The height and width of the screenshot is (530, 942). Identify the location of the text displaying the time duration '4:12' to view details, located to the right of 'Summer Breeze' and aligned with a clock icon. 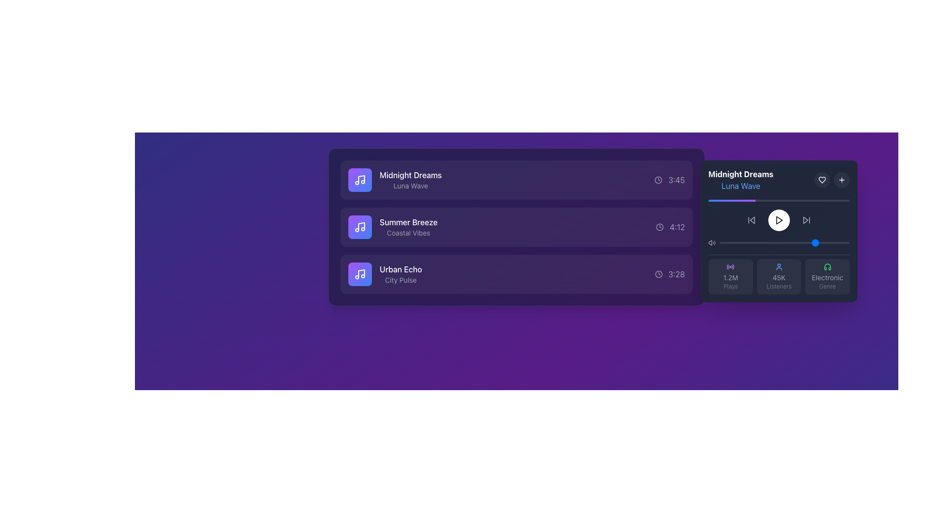
(677, 227).